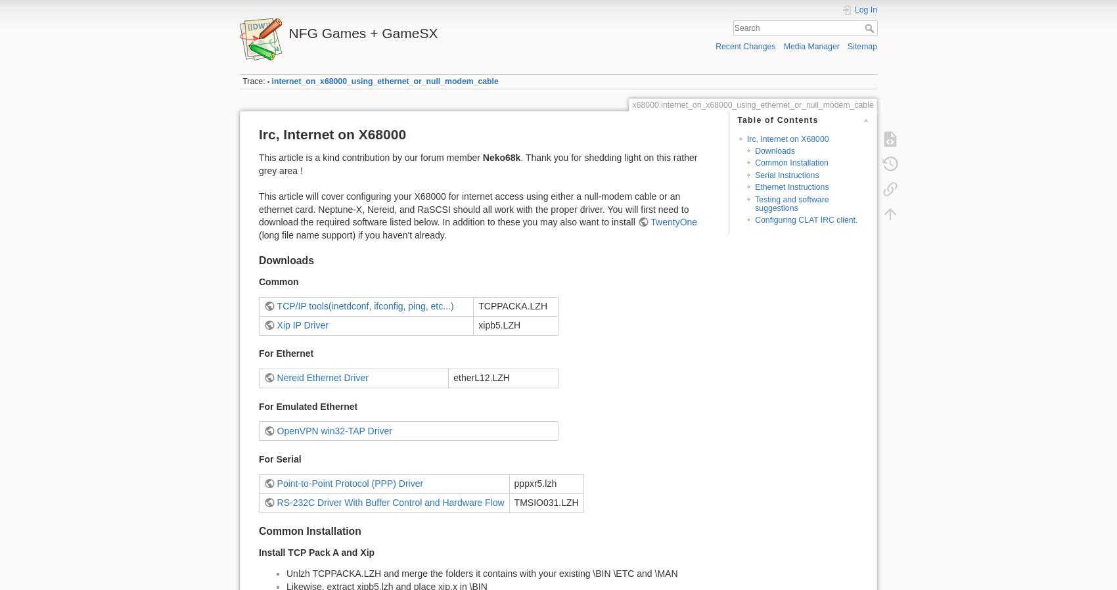  I want to click on 'For Serial', so click(280, 459).